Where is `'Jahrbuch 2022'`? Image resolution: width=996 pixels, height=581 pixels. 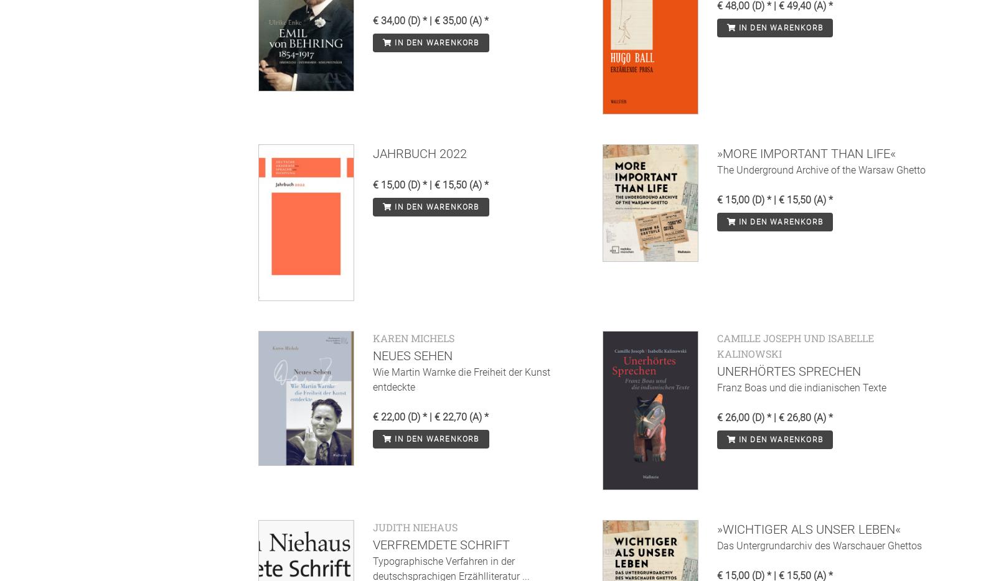 'Jahrbuch 2022' is located at coordinates (420, 154).